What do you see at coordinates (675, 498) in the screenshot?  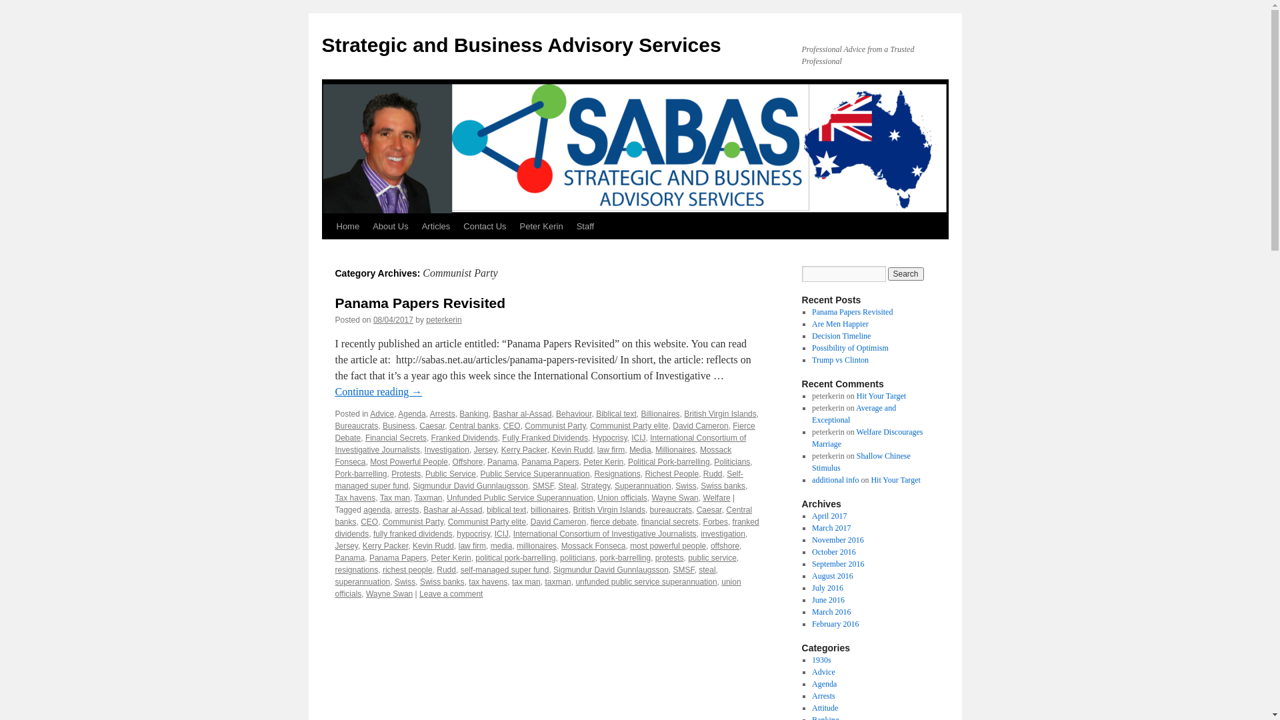 I see `'Wayne Swan'` at bounding box center [675, 498].